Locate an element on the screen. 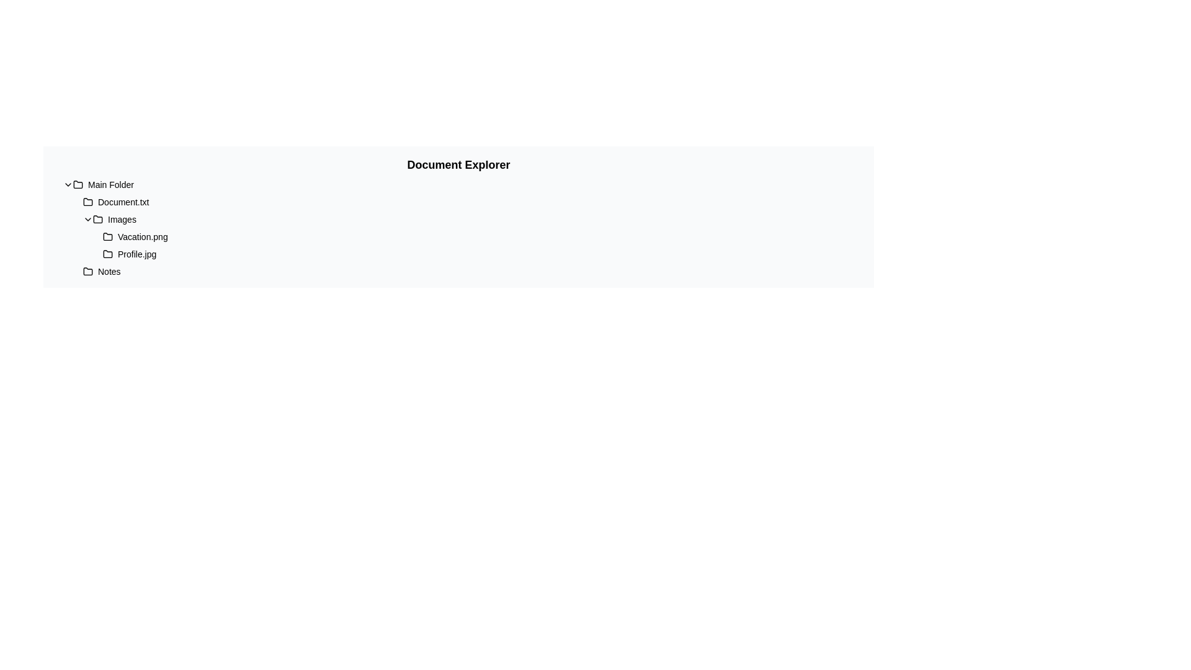  the small folder icon located to the left of the 'Main Folder' label in the hierarchical navigation list is located at coordinates (77, 184).